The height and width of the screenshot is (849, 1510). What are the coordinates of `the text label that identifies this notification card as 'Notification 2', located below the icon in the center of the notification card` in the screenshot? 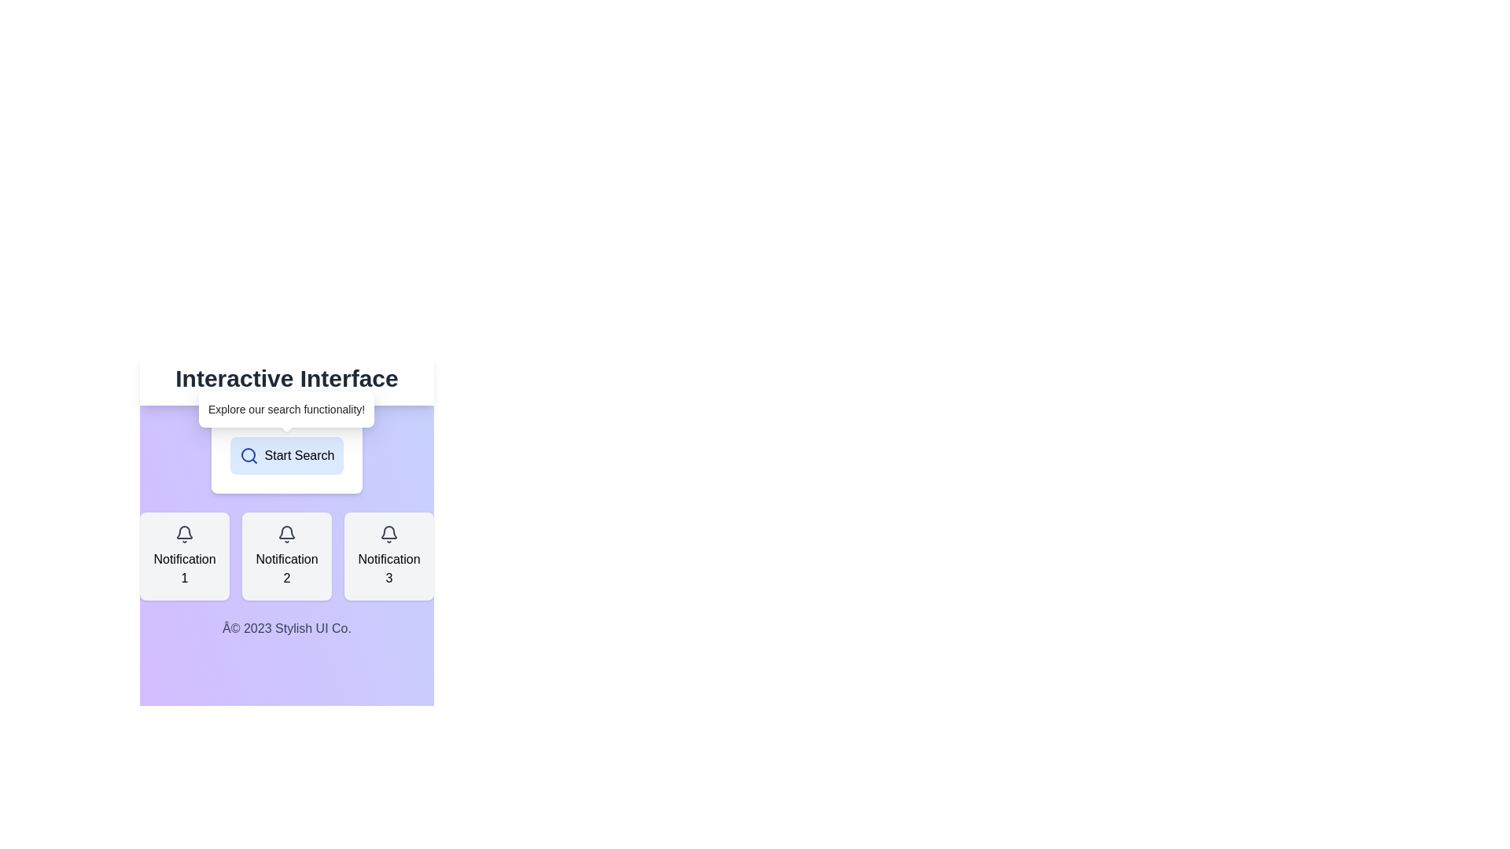 It's located at (286, 569).